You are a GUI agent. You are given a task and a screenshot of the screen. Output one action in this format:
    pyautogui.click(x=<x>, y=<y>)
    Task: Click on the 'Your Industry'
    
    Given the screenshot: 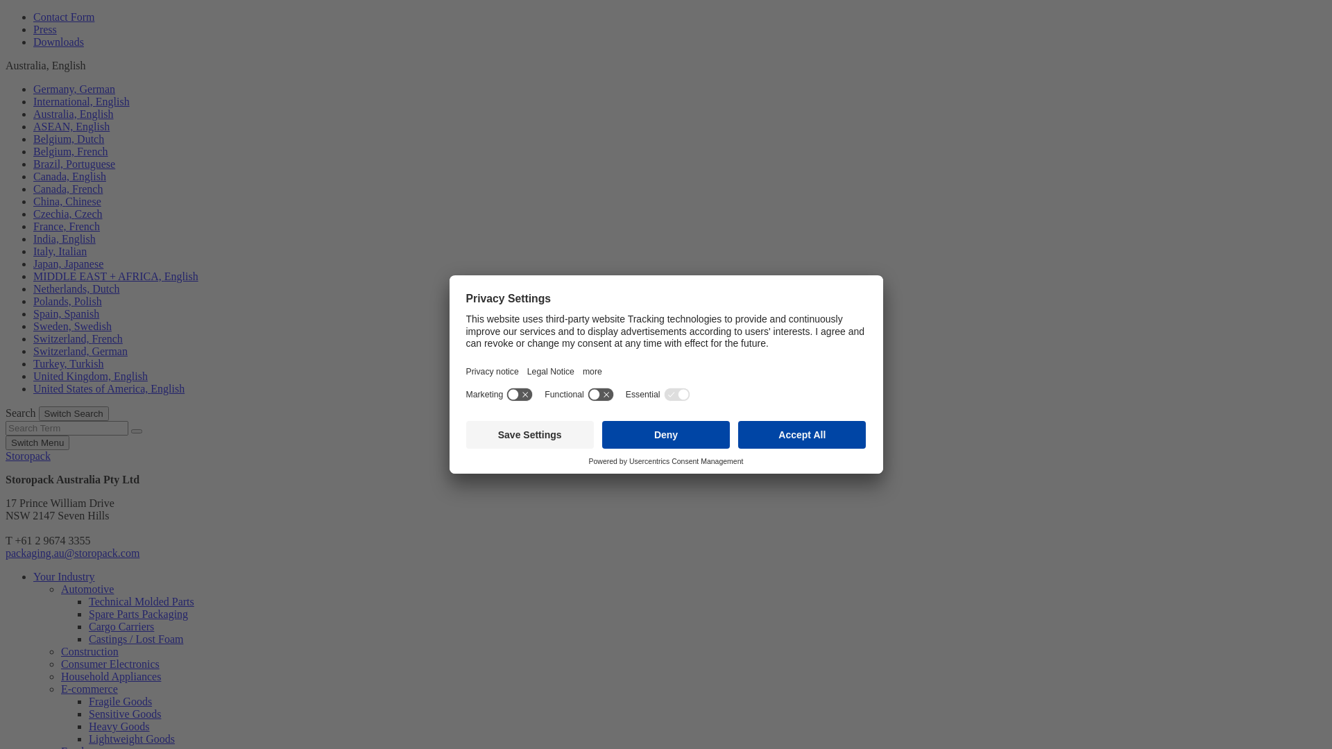 What is the action you would take?
    pyautogui.click(x=33, y=576)
    